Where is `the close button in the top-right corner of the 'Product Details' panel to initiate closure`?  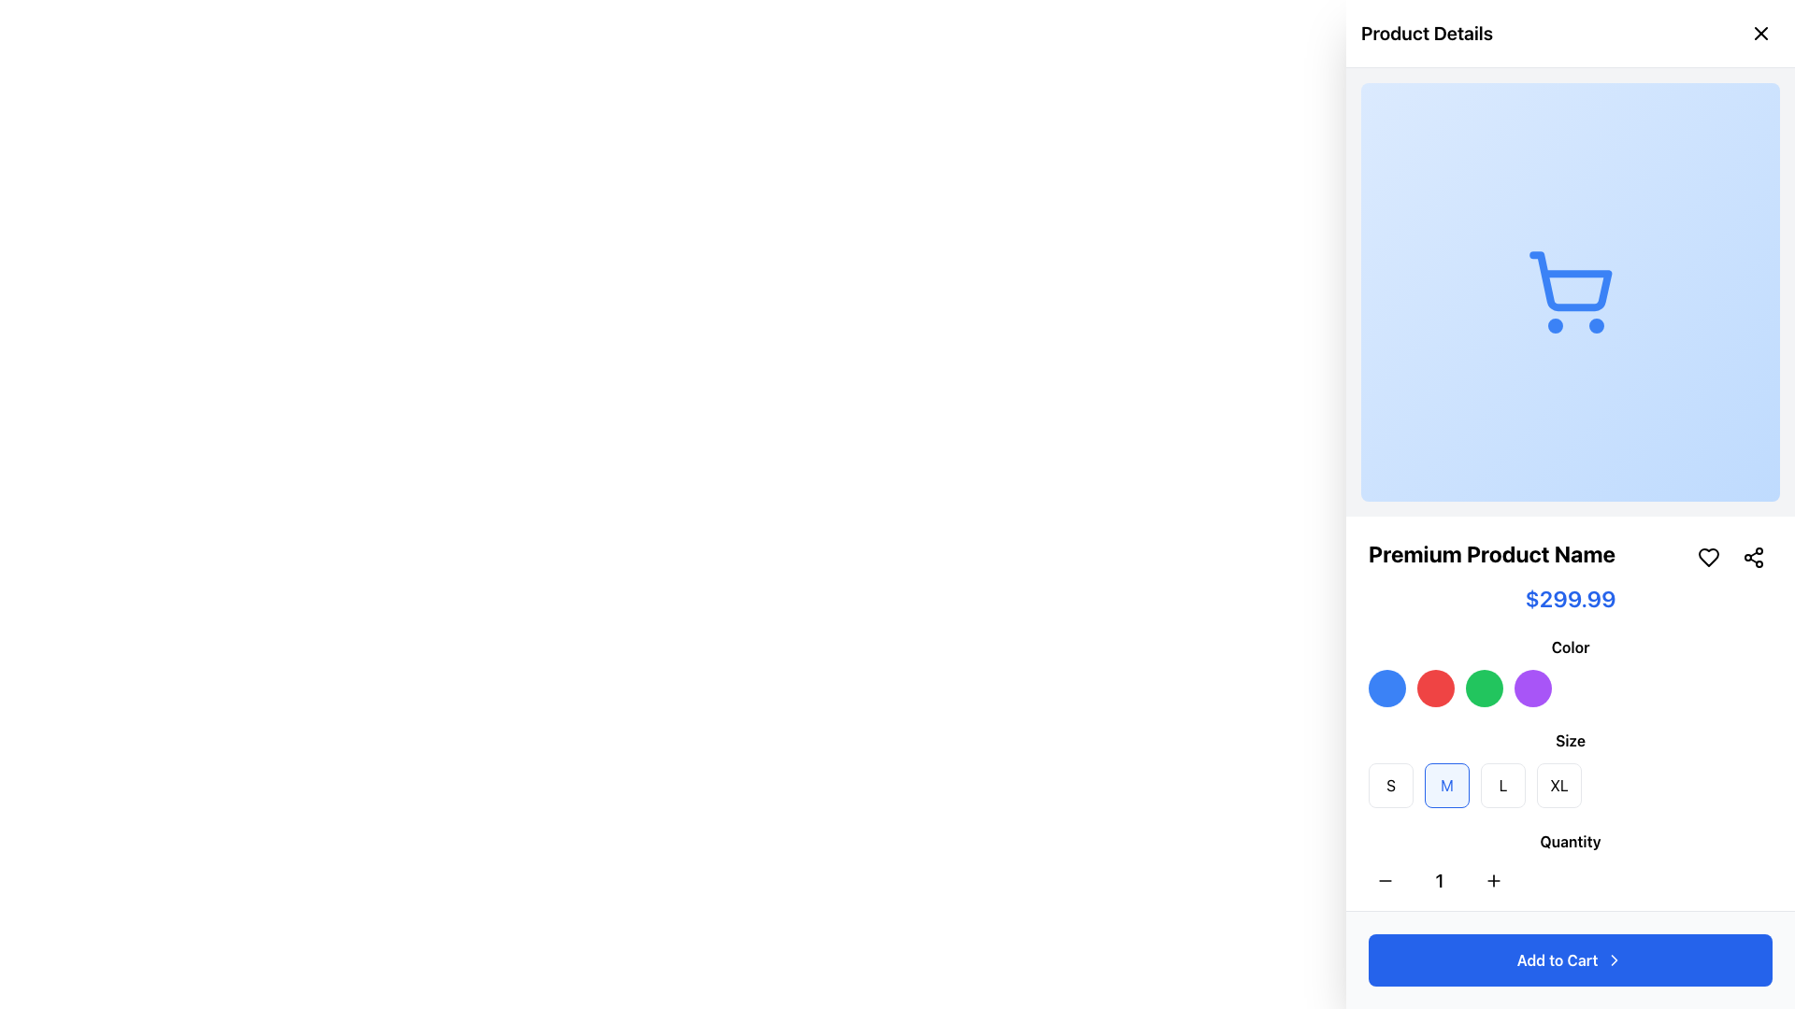 the close button in the top-right corner of the 'Product Details' panel to initiate closure is located at coordinates (1759, 33).